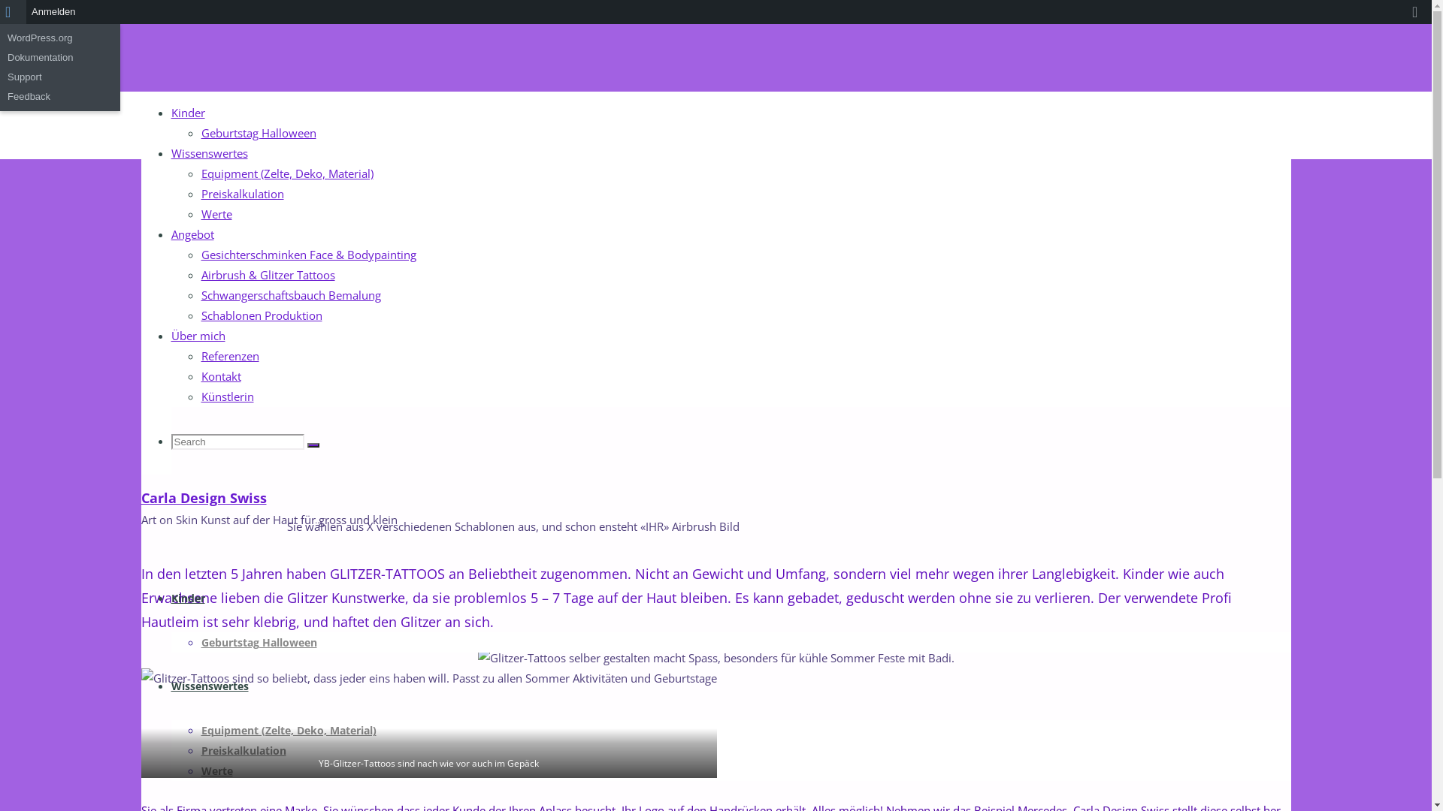 The height and width of the screenshot is (811, 1443). I want to click on 'Feedback', so click(60, 96).